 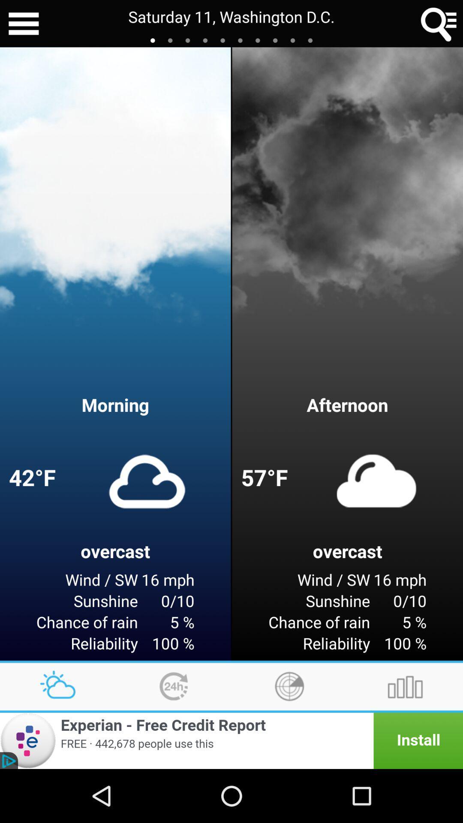 What do you see at coordinates (439, 24) in the screenshot?
I see `item next to saturday 11 washington` at bounding box center [439, 24].